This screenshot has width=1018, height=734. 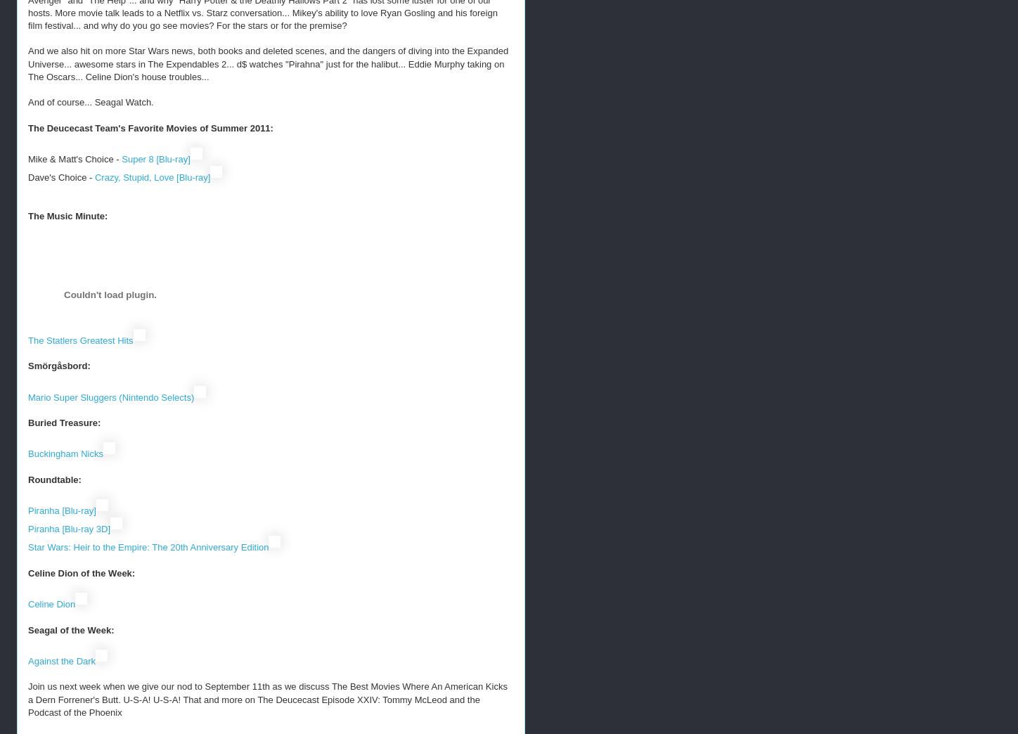 What do you see at coordinates (268, 63) in the screenshot?
I see `'And we also hit on more Star Wars news, both books and deleted scenes, and the dangers of diving into the Expanded Universe... awesome stars in The Expendables 2... d$ watches "Pirahna" just for the halibut... Eddie Murphy taking on The Oscars... Celine Dion's house troubles...'` at bounding box center [268, 63].